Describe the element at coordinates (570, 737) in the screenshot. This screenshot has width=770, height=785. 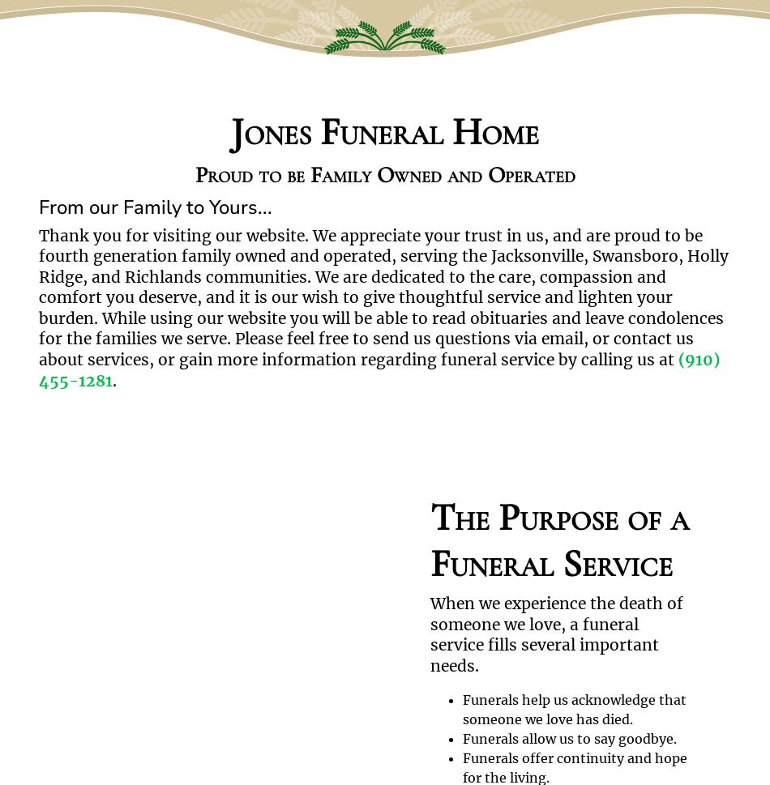
I see `'Funerals allow us to say goodbye.'` at that location.